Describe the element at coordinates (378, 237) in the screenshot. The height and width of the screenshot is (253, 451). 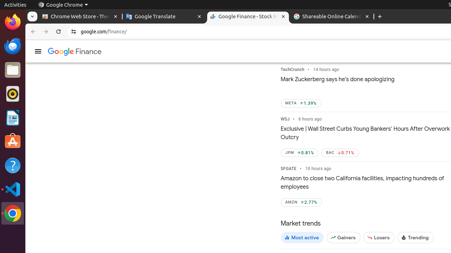
I see `'Losers'` at that location.